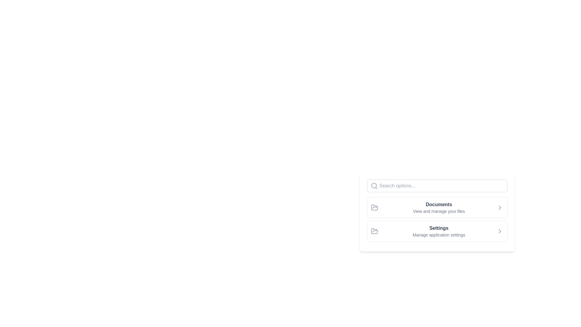  What do you see at coordinates (373, 185) in the screenshot?
I see `the small circular vector graphic element within the SVG search icon to display its tooltip or details` at bounding box center [373, 185].